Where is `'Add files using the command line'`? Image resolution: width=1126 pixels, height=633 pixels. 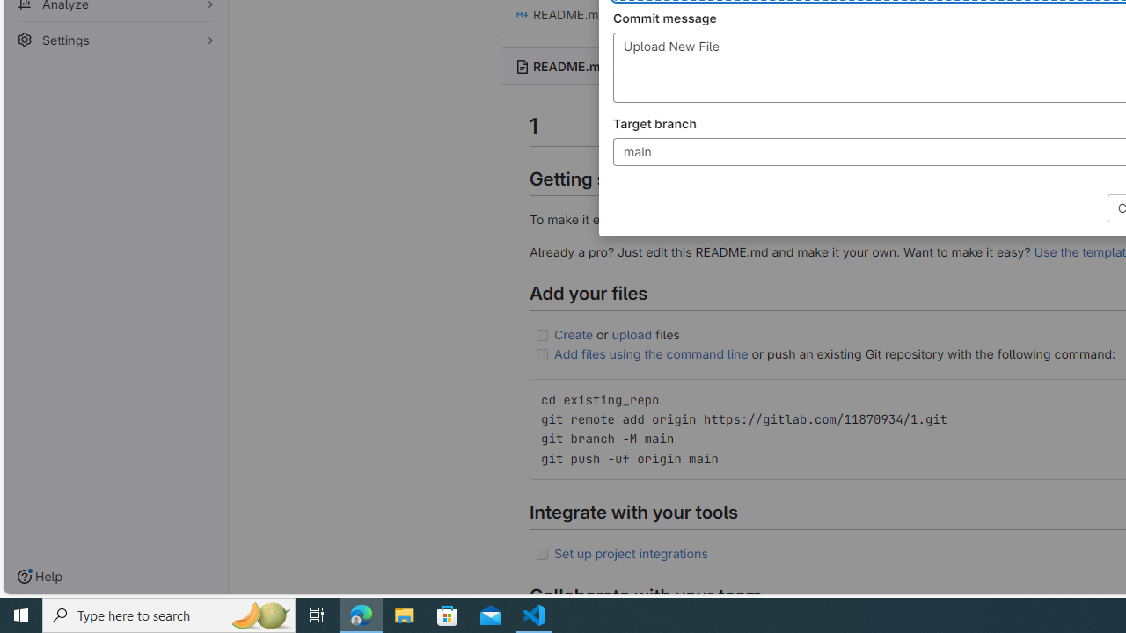
'Add files using the command line' is located at coordinates (650, 353).